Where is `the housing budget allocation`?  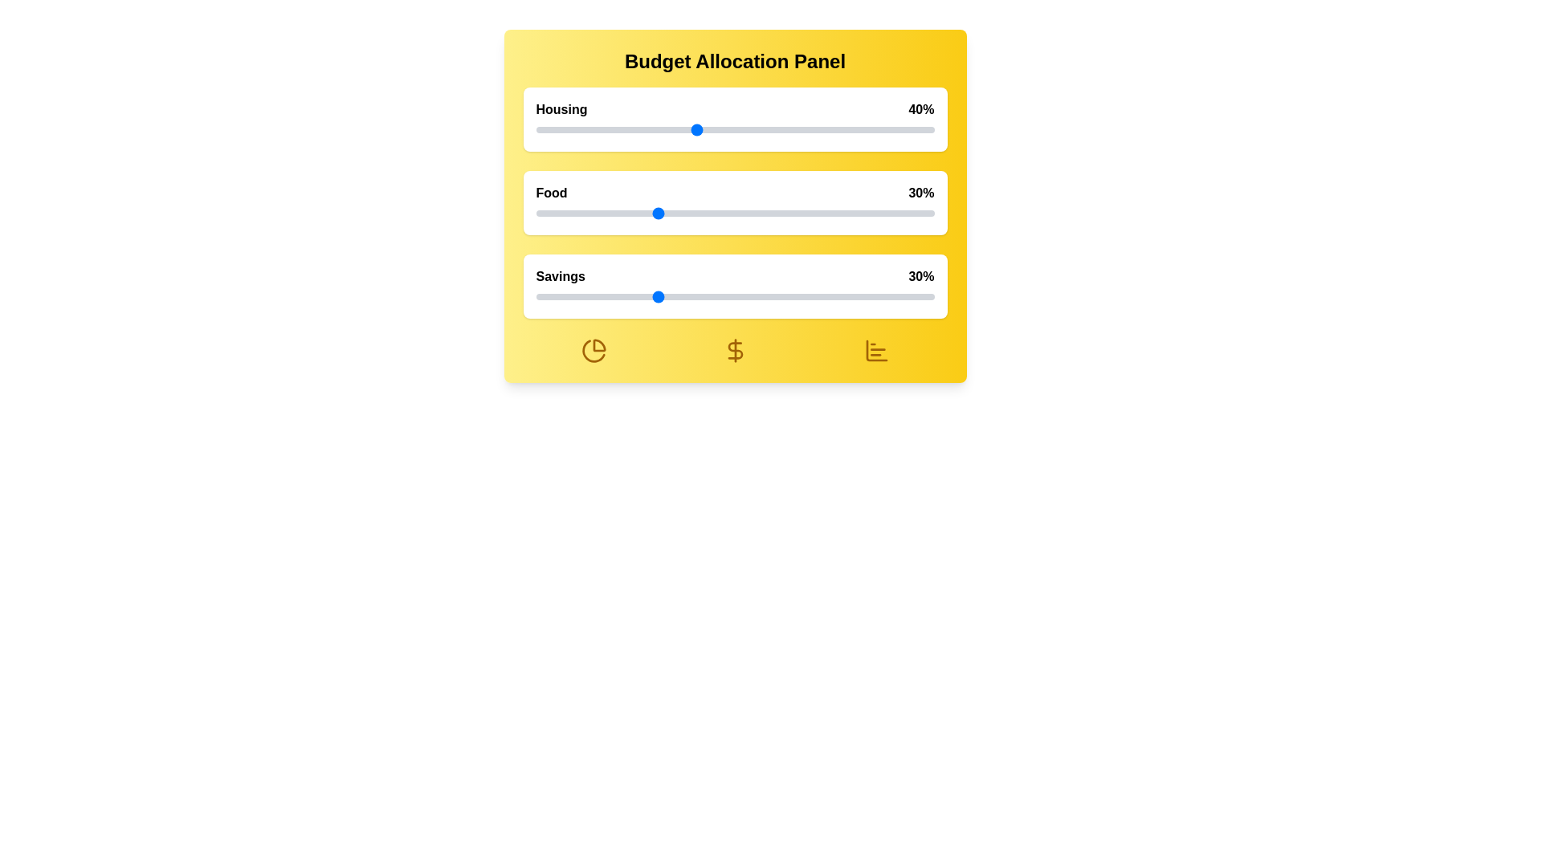
the housing budget allocation is located at coordinates (618, 129).